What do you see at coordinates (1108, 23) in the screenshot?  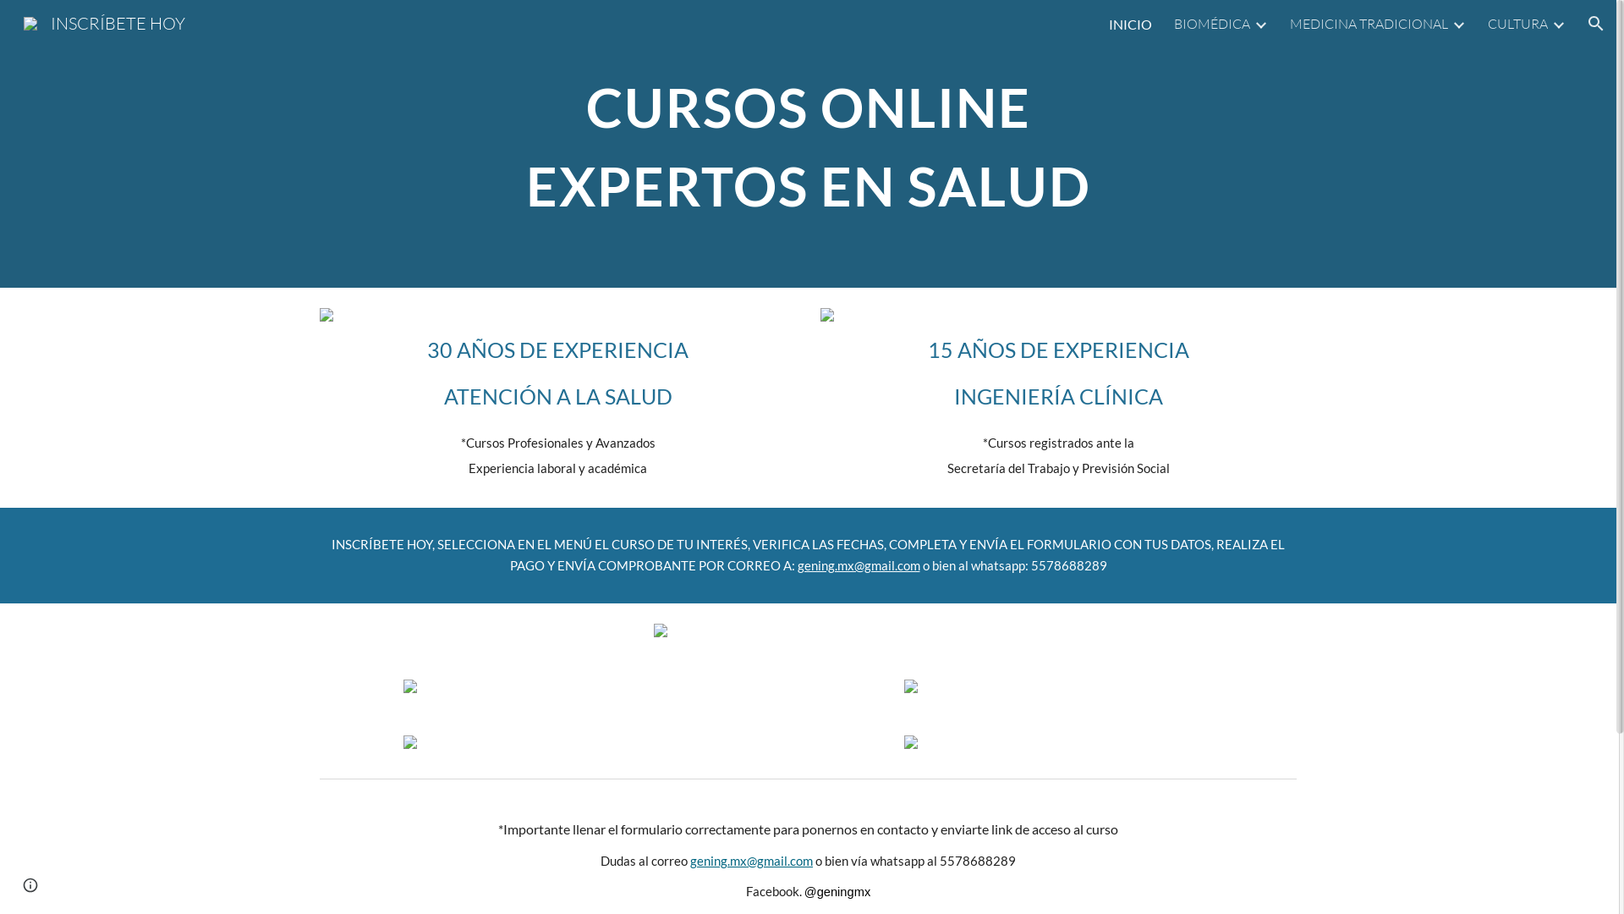 I see `'INICIO'` at bounding box center [1108, 23].